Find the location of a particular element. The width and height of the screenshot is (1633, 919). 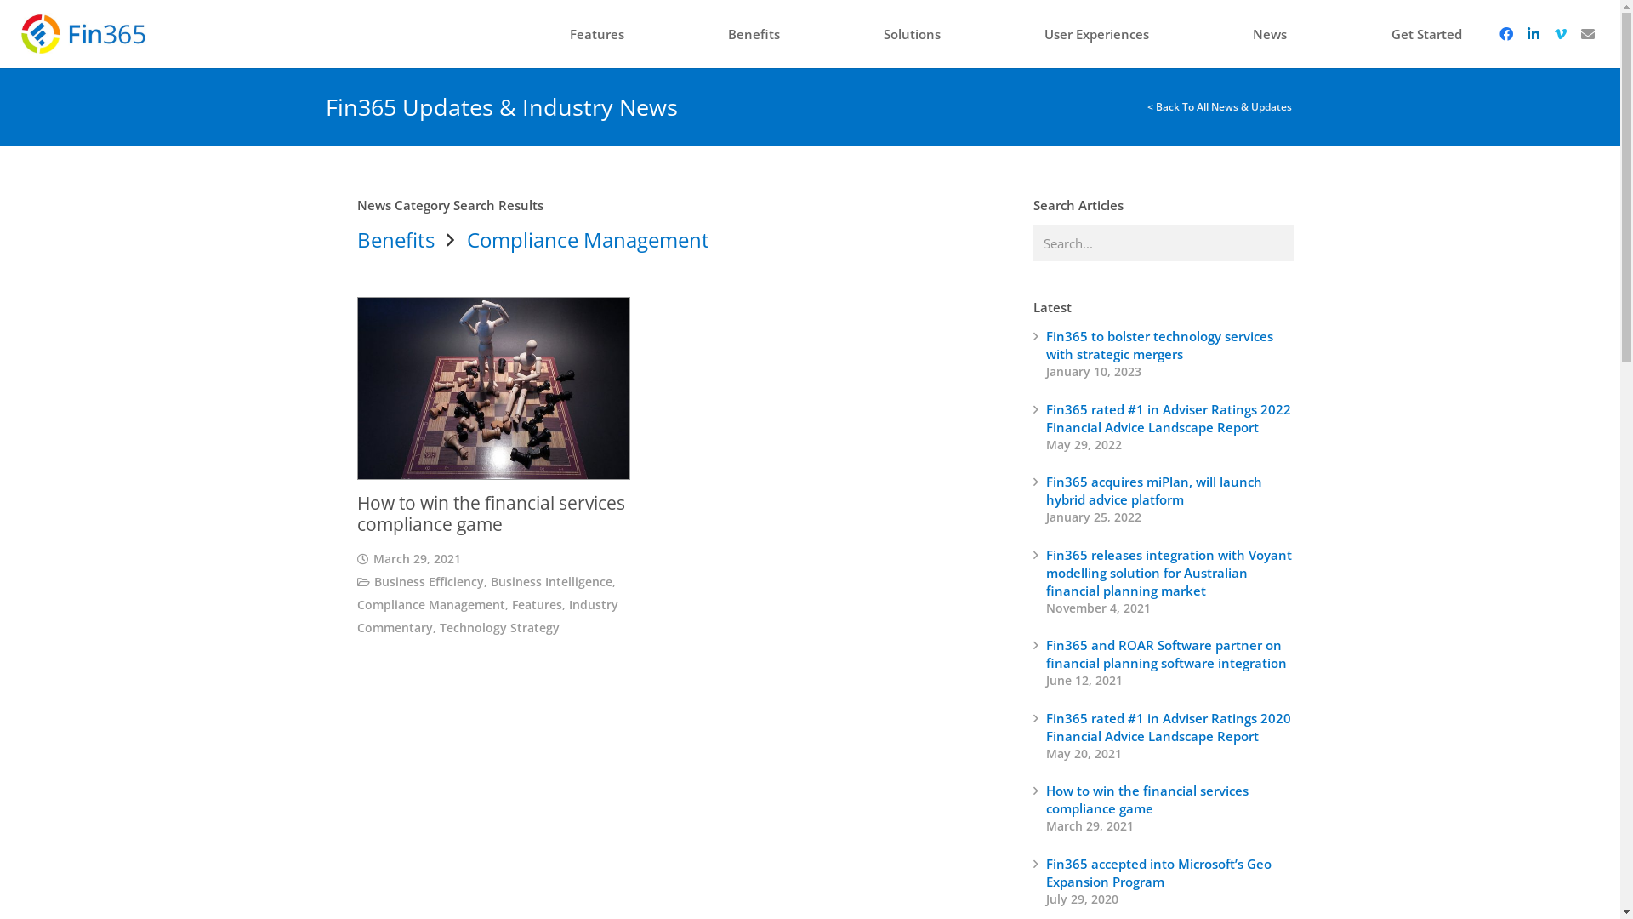

'LinkedIn' is located at coordinates (1532, 33).